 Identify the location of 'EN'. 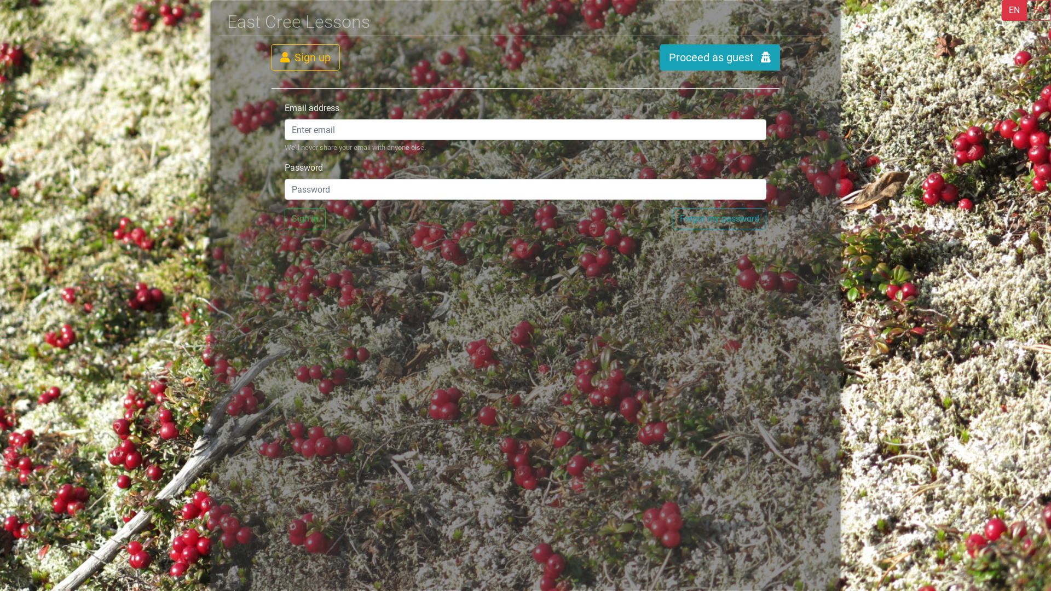
(1013, 10).